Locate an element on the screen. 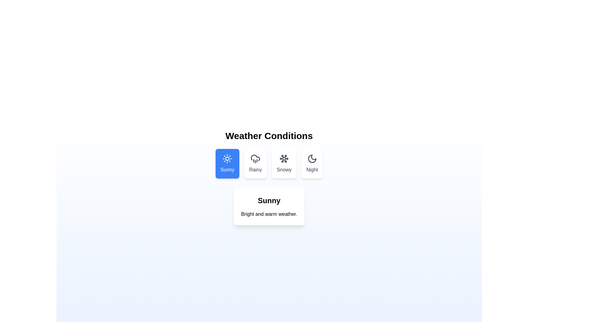  the Sunny tab to view its weather condition is located at coordinates (227, 163).